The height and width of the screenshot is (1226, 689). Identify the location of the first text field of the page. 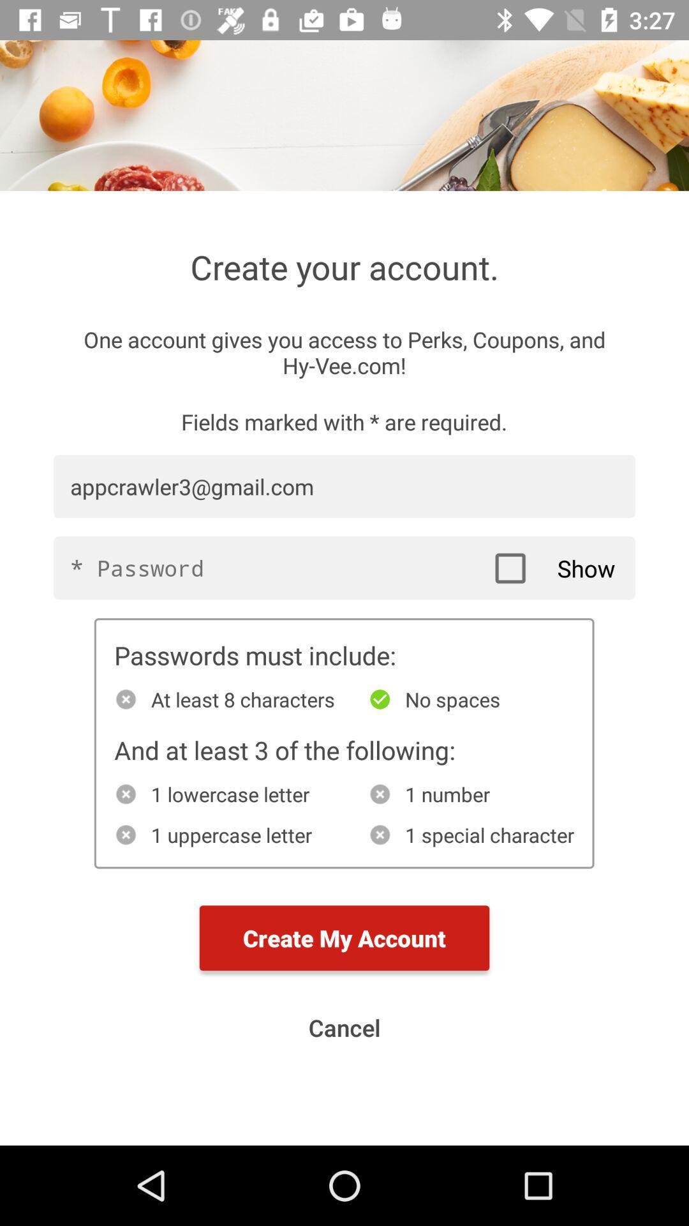
(344, 477).